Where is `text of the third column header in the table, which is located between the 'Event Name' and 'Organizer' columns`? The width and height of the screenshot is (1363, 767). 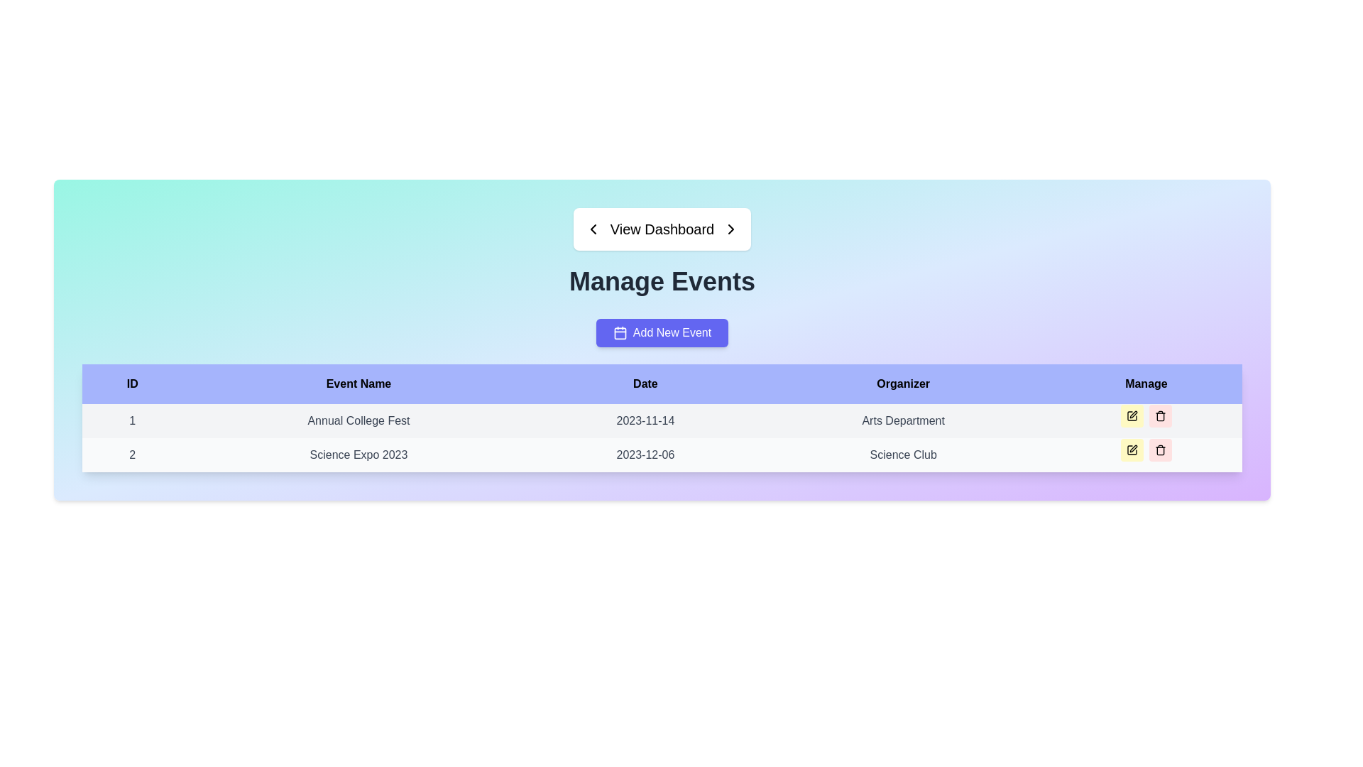
text of the third column header in the table, which is located between the 'Event Name' and 'Organizer' columns is located at coordinates (645, 383).